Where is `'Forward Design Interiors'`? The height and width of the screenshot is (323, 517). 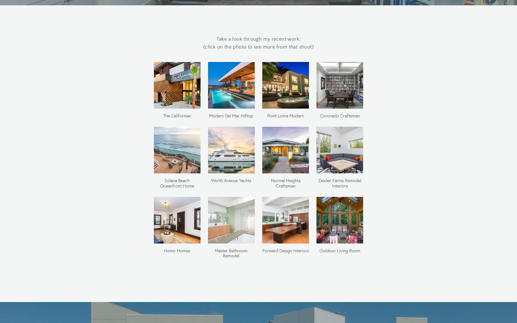
'Forward Design Interiors' is located at coordinates (285, 250).